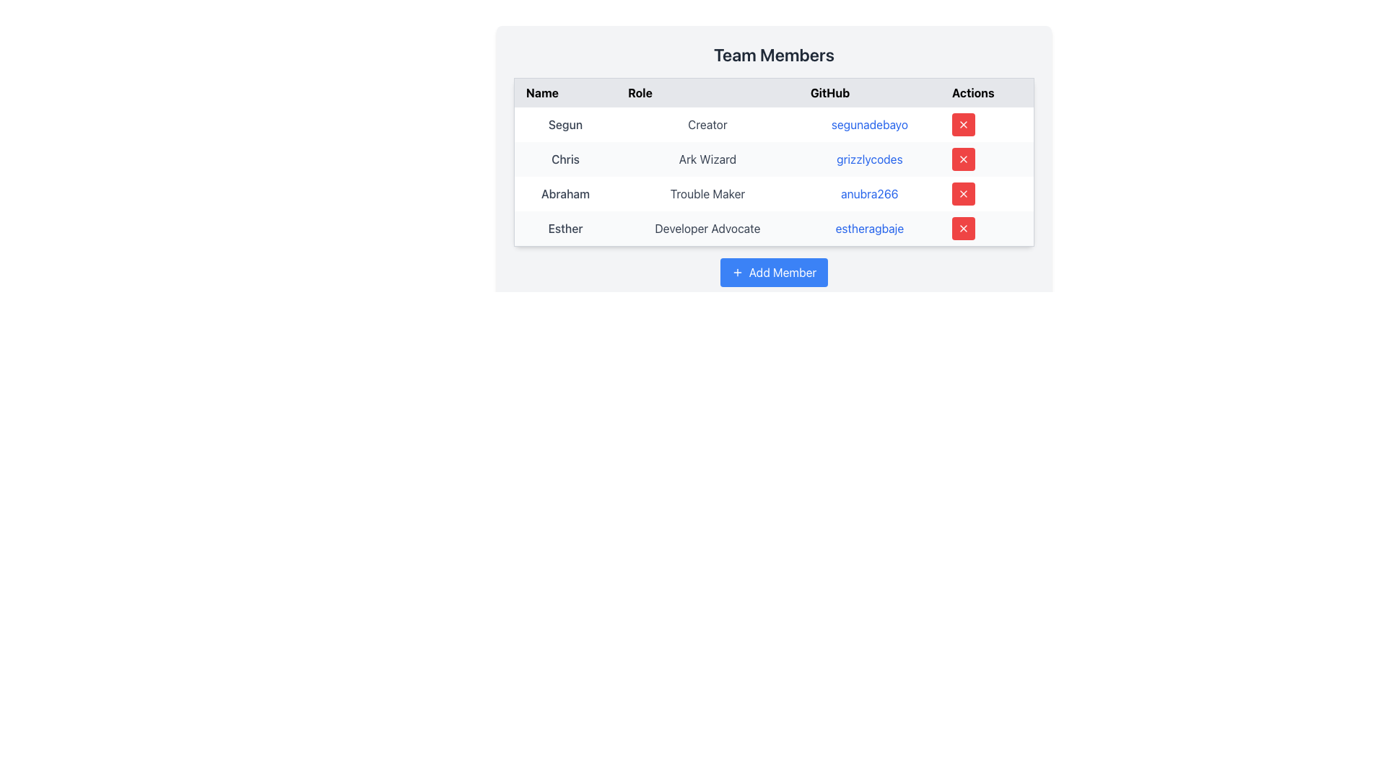 This screenshot has width=1386, height=779. What do you see at coordinates (963, 124) in the screenshot?
I see `the small red square button with rounded corners featuring a white cross icon, located in the Actions column of the first row in the Team Members section under the GitHub information of 'Creator' Segun` at bounding box center [963, 124].